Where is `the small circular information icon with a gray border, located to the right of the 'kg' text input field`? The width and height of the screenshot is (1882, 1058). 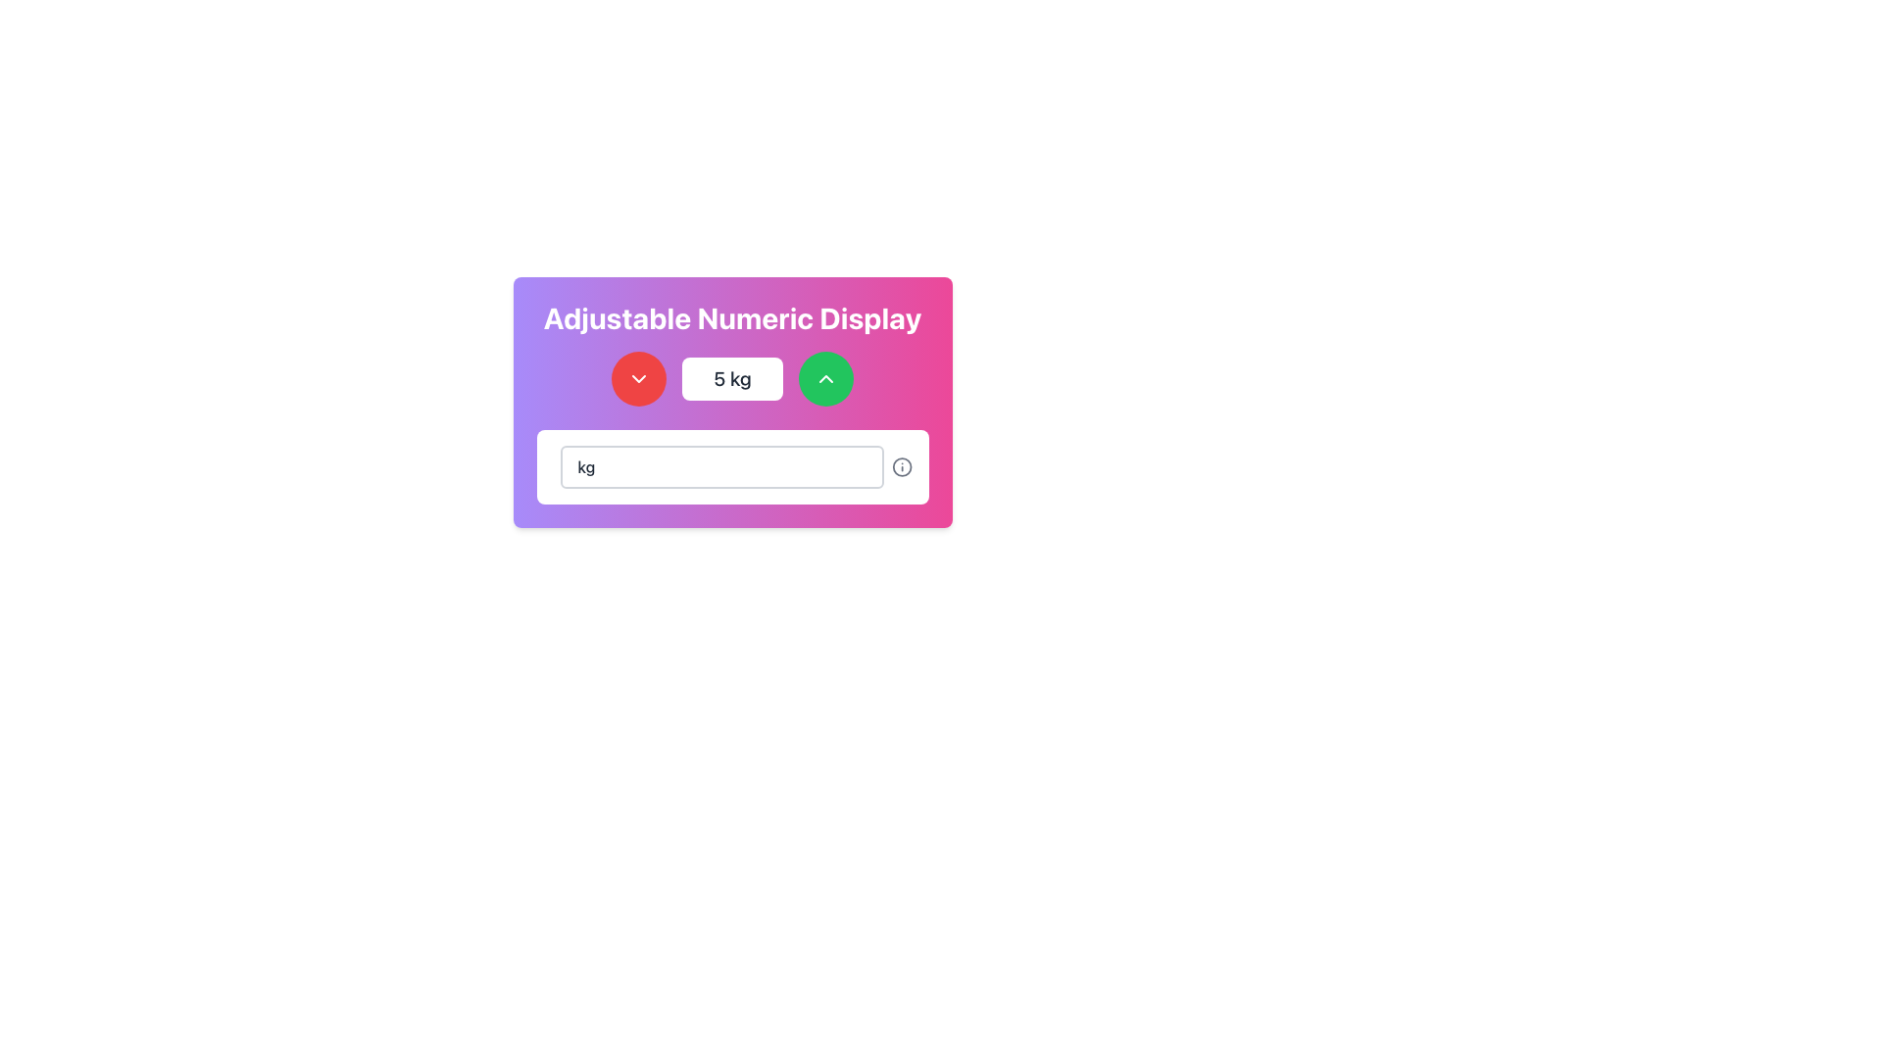
the small circular information icon with a gray border, located to the right of the 'kg' text input field is located at coordinates (901, 467).